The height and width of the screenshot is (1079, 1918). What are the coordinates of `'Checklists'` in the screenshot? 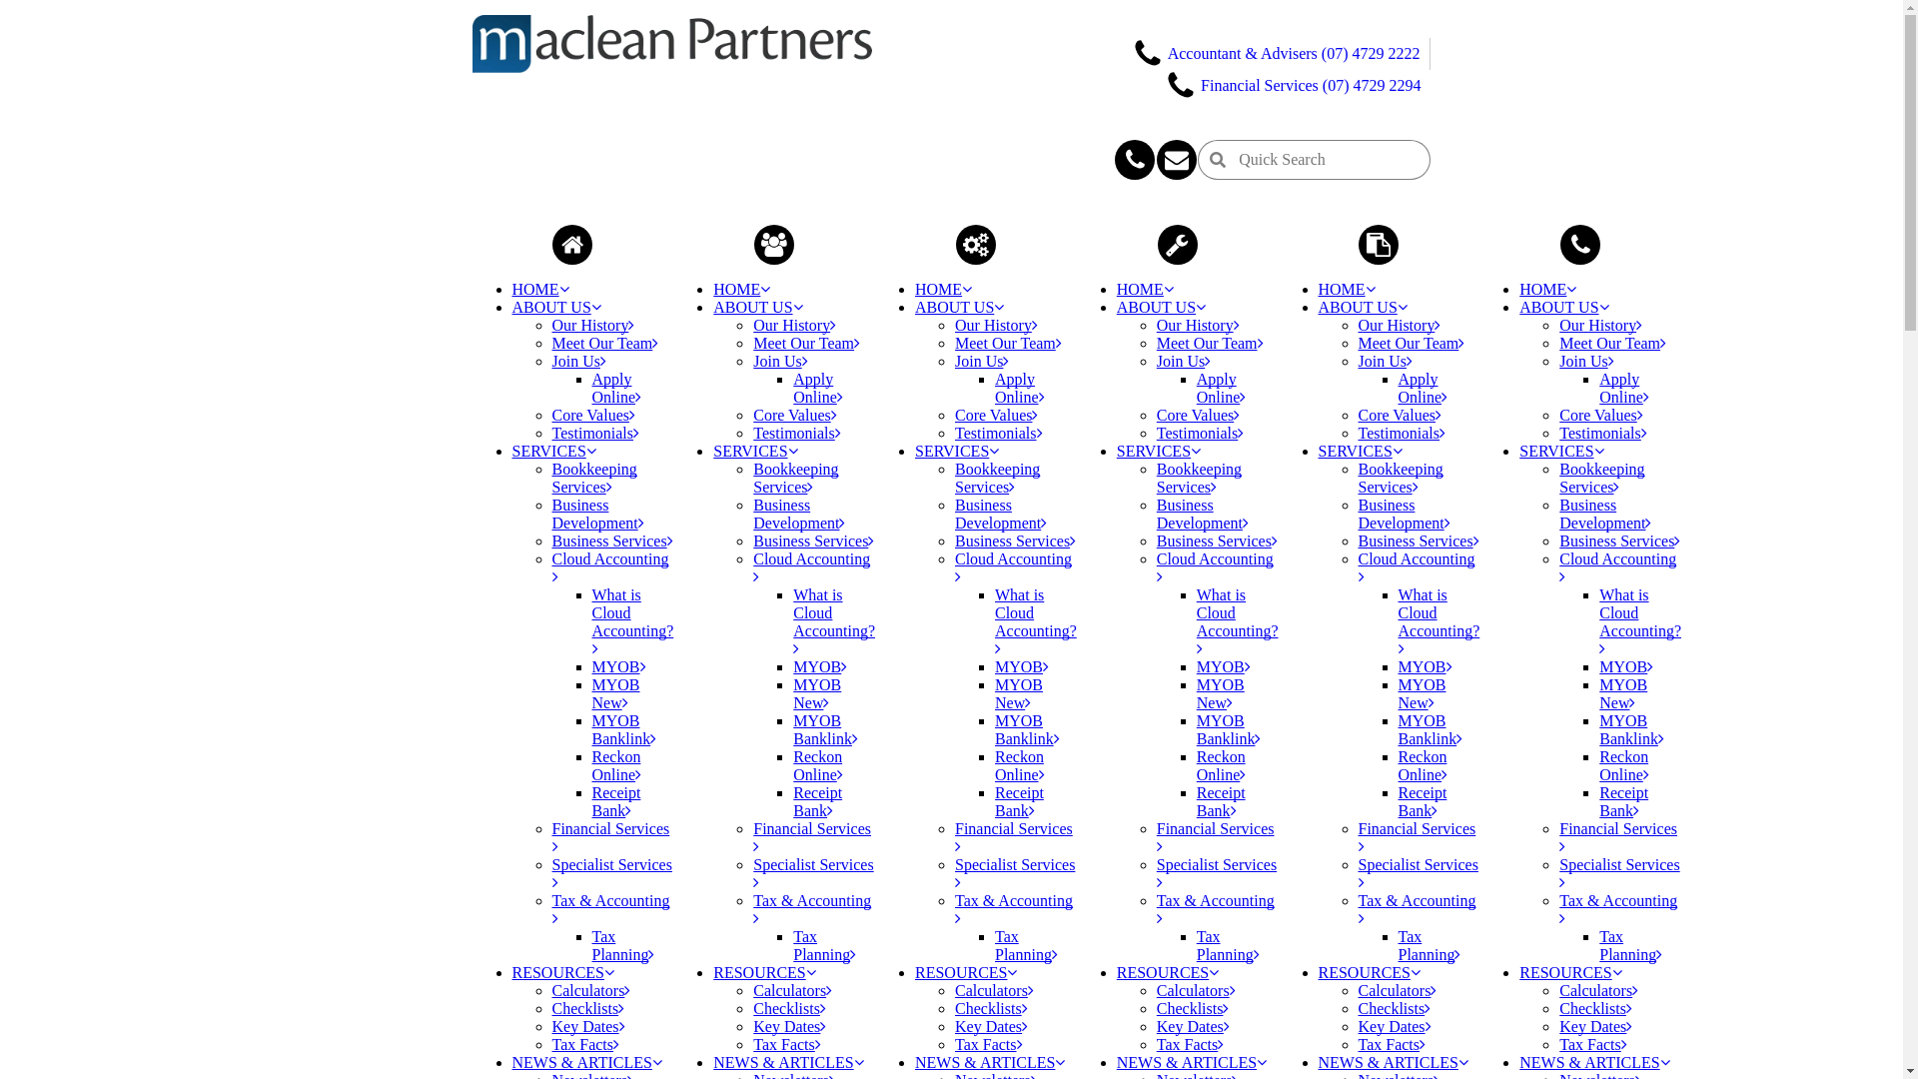 It's located at (586, 1008).